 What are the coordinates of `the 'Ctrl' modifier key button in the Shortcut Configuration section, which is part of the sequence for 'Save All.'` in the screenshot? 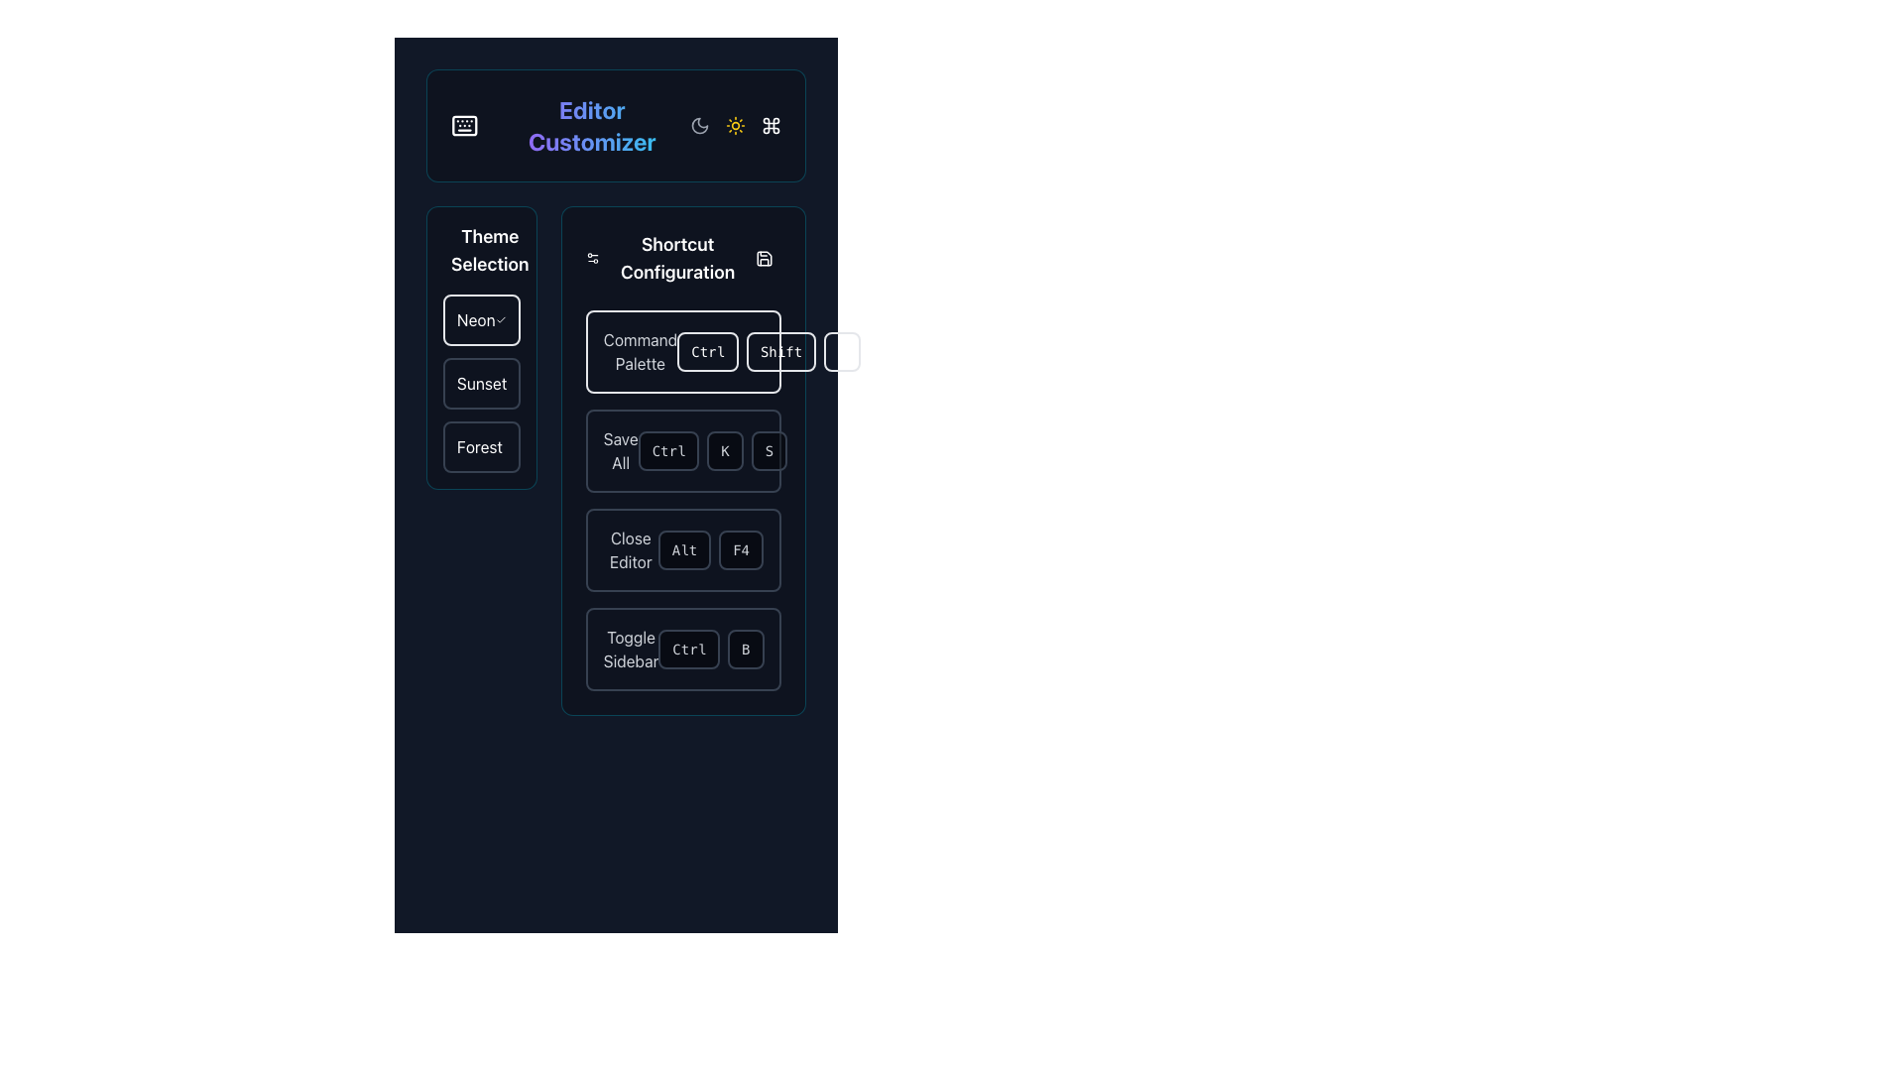 It's located at (668, 451).